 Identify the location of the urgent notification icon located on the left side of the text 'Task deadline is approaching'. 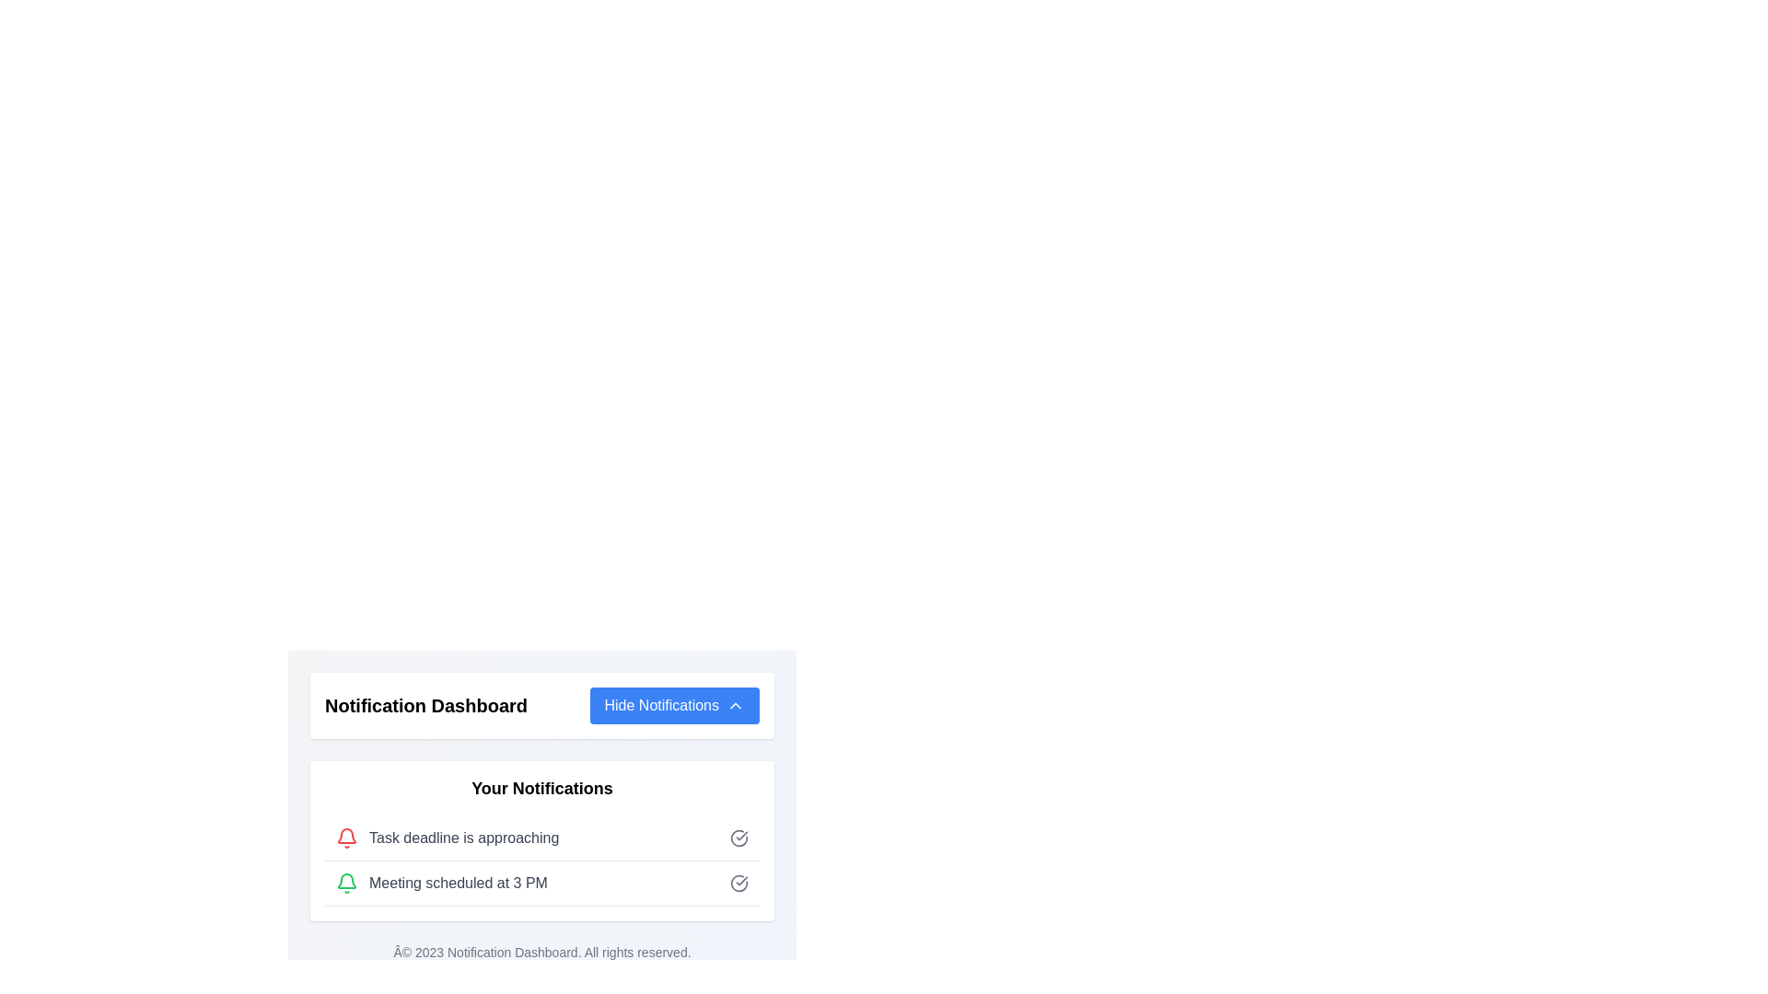
(347, 838).